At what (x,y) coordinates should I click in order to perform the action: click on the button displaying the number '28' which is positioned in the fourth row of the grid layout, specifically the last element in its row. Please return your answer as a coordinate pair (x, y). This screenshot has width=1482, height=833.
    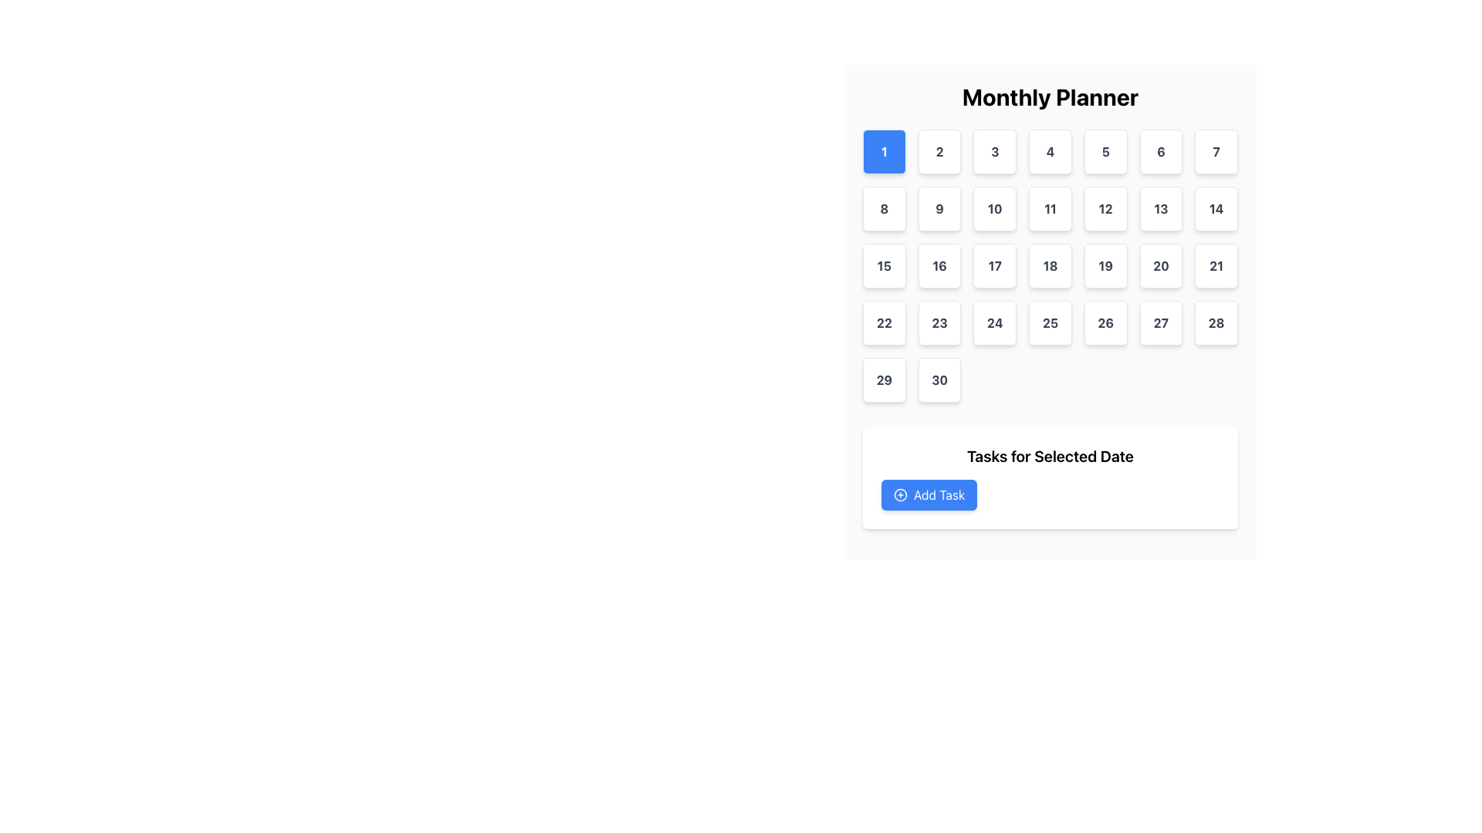
    Looking at the image, I should click on (1216, 322).